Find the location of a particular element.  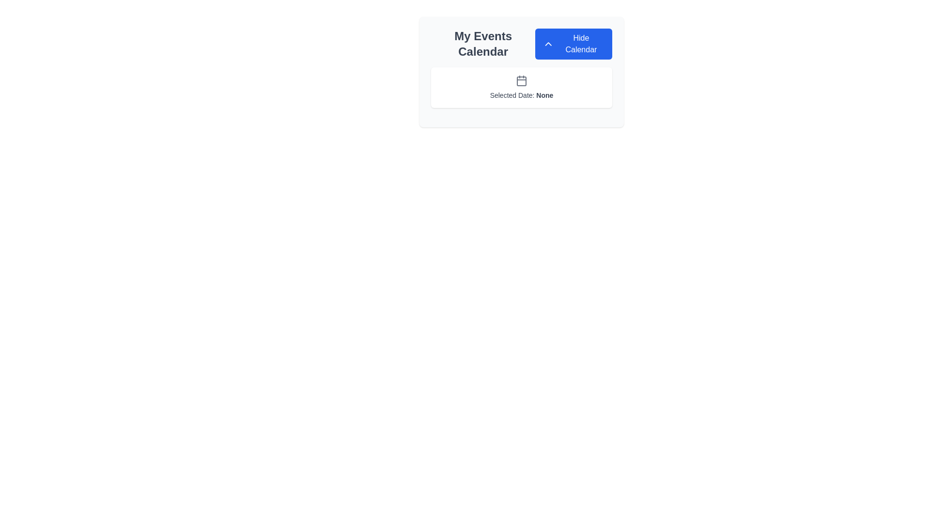

the Informational Display Panel which features a white background, rounded borders, and displays 'Selected Date: None' is located at coordinates (521, 88).